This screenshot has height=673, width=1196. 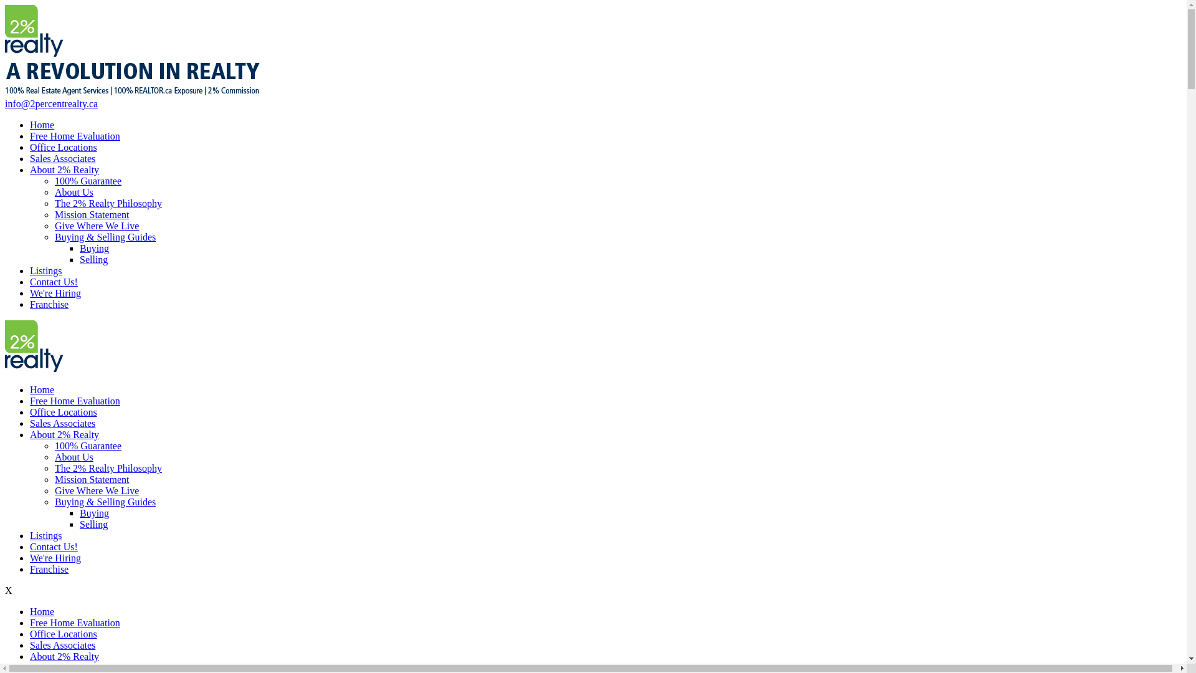 What do you see at coordinates (30, 656) in the screenshot?
I see `'About 2% Realty'` at bounding box center [30, 656].